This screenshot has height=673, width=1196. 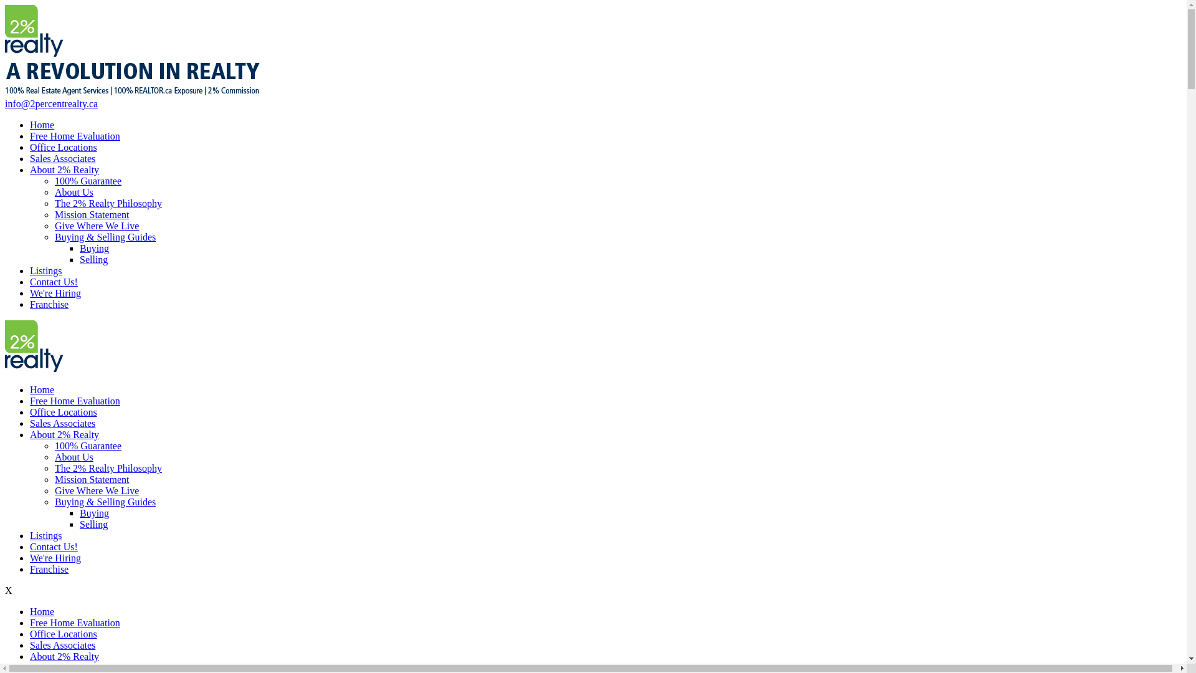 What do you see at coordinates (30, 656) in the screenshot?
I see `'About 2% Realty'` at bounding box center [30, 656].